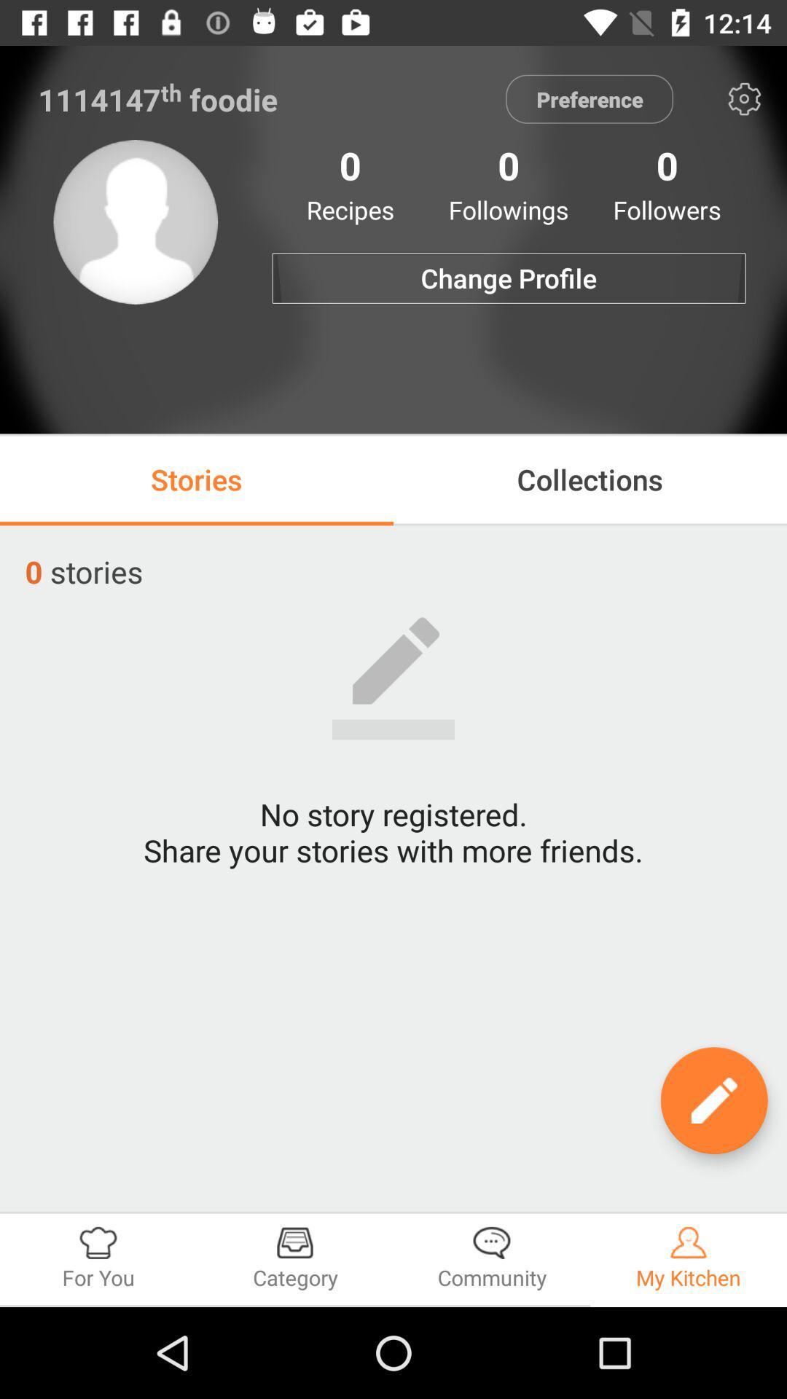 Image resolution: width=787 pixels, height=1399 pixels. I want to click on settings option, so click(744, 98).